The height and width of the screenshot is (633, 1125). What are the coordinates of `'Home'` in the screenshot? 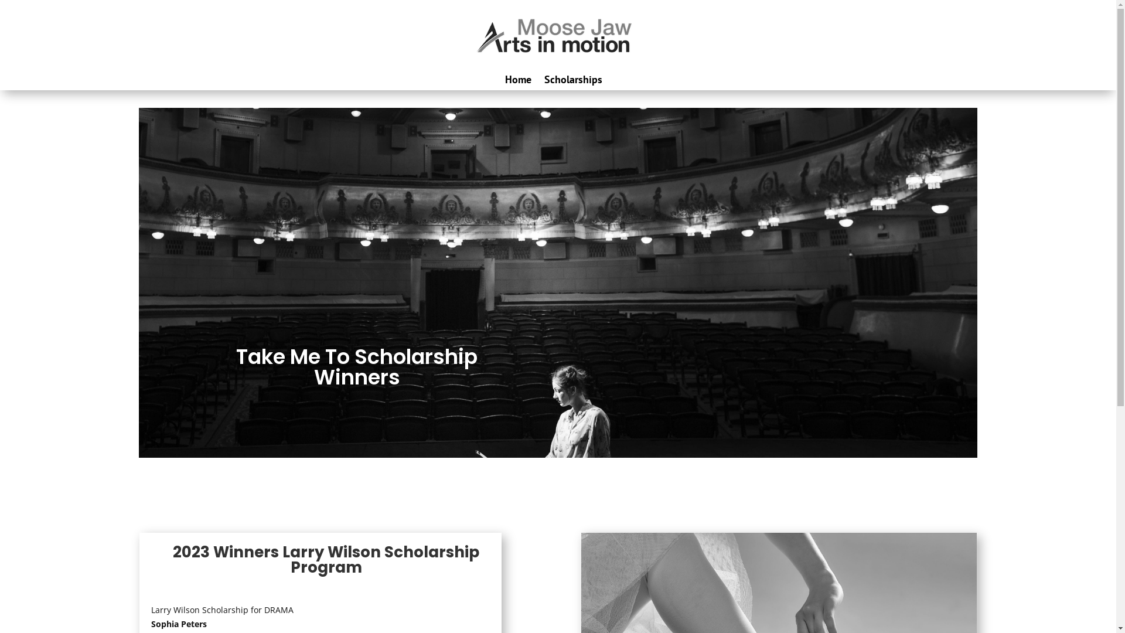 It's located at (505, 79).